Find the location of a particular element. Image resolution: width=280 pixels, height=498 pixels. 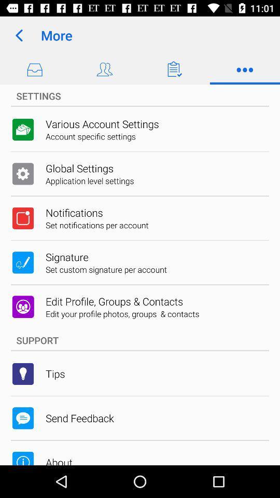

the application level settings item is located at coordinates (90, 181).